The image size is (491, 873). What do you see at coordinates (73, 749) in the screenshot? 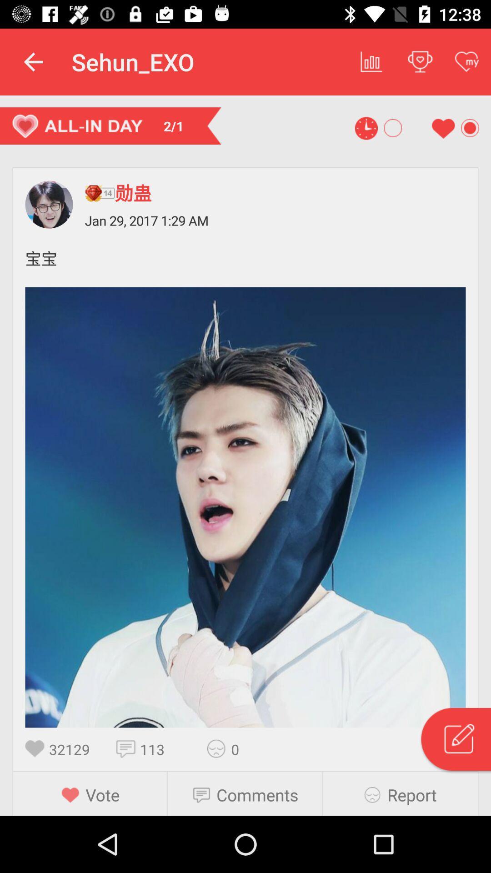
I see `the item above the vote item` at bounding box center [73, 749].